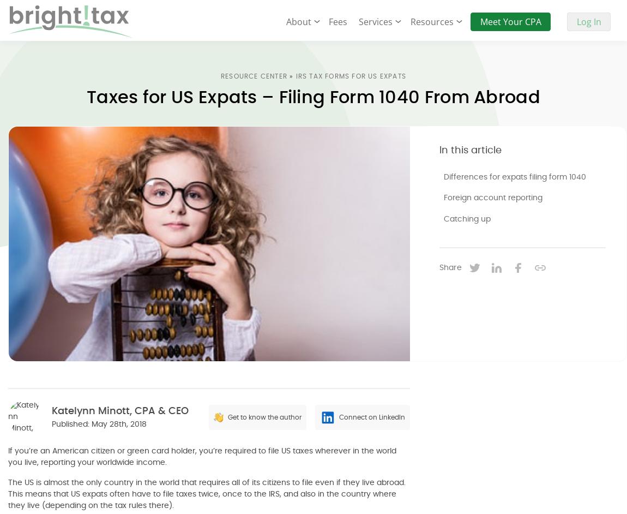 The width and height of the screenshot is (627, 514). I want to click on 'Taxes for US Expats – Filing Form 1040 From Abroad', so click(314, 97).